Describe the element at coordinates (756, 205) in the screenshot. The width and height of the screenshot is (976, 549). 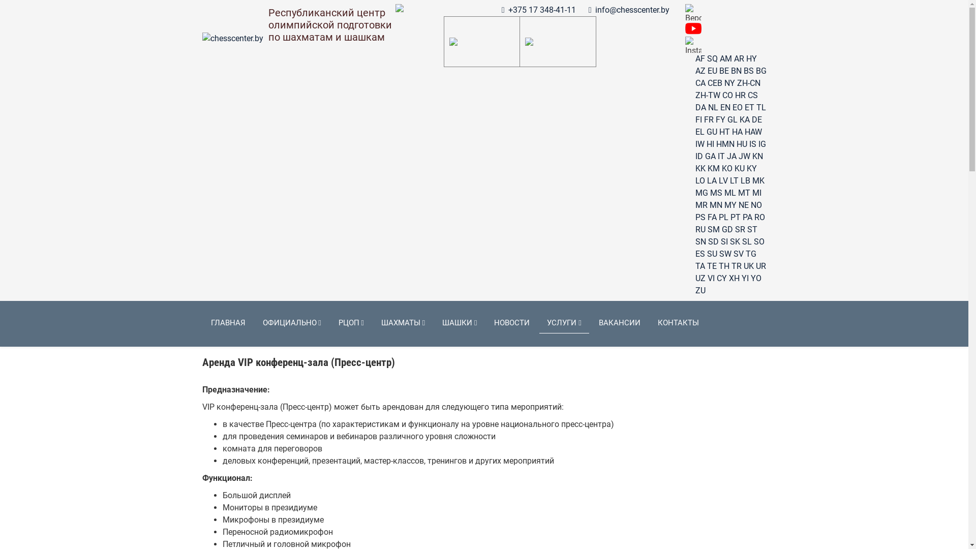
I see `'NO'` at that location.